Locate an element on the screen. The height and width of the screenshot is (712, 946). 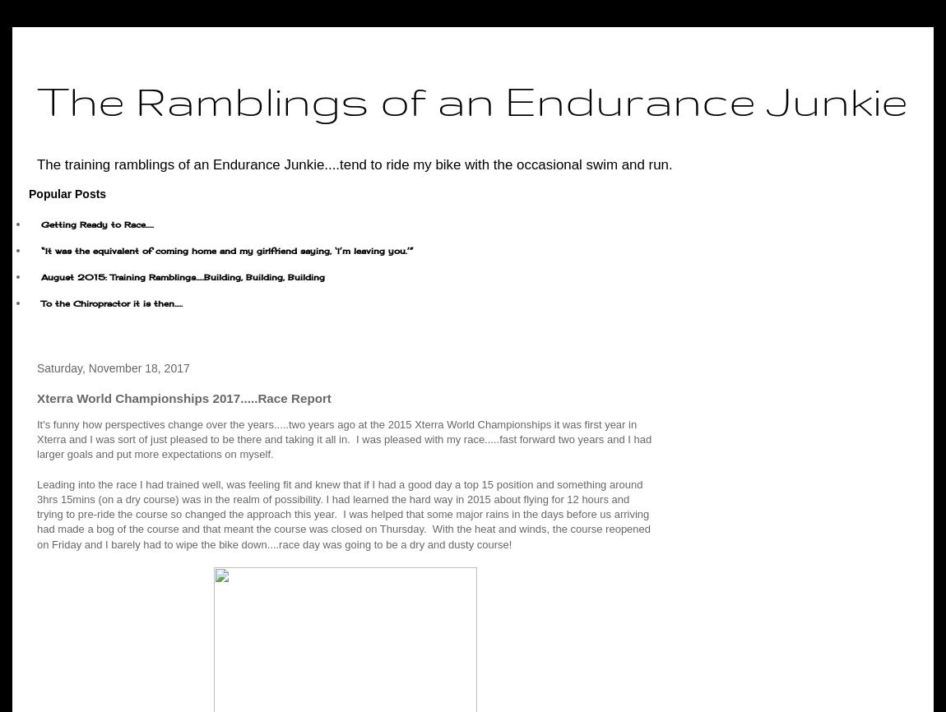
'Saturday, November 18, 2017' is located at coordinates (112, 368).